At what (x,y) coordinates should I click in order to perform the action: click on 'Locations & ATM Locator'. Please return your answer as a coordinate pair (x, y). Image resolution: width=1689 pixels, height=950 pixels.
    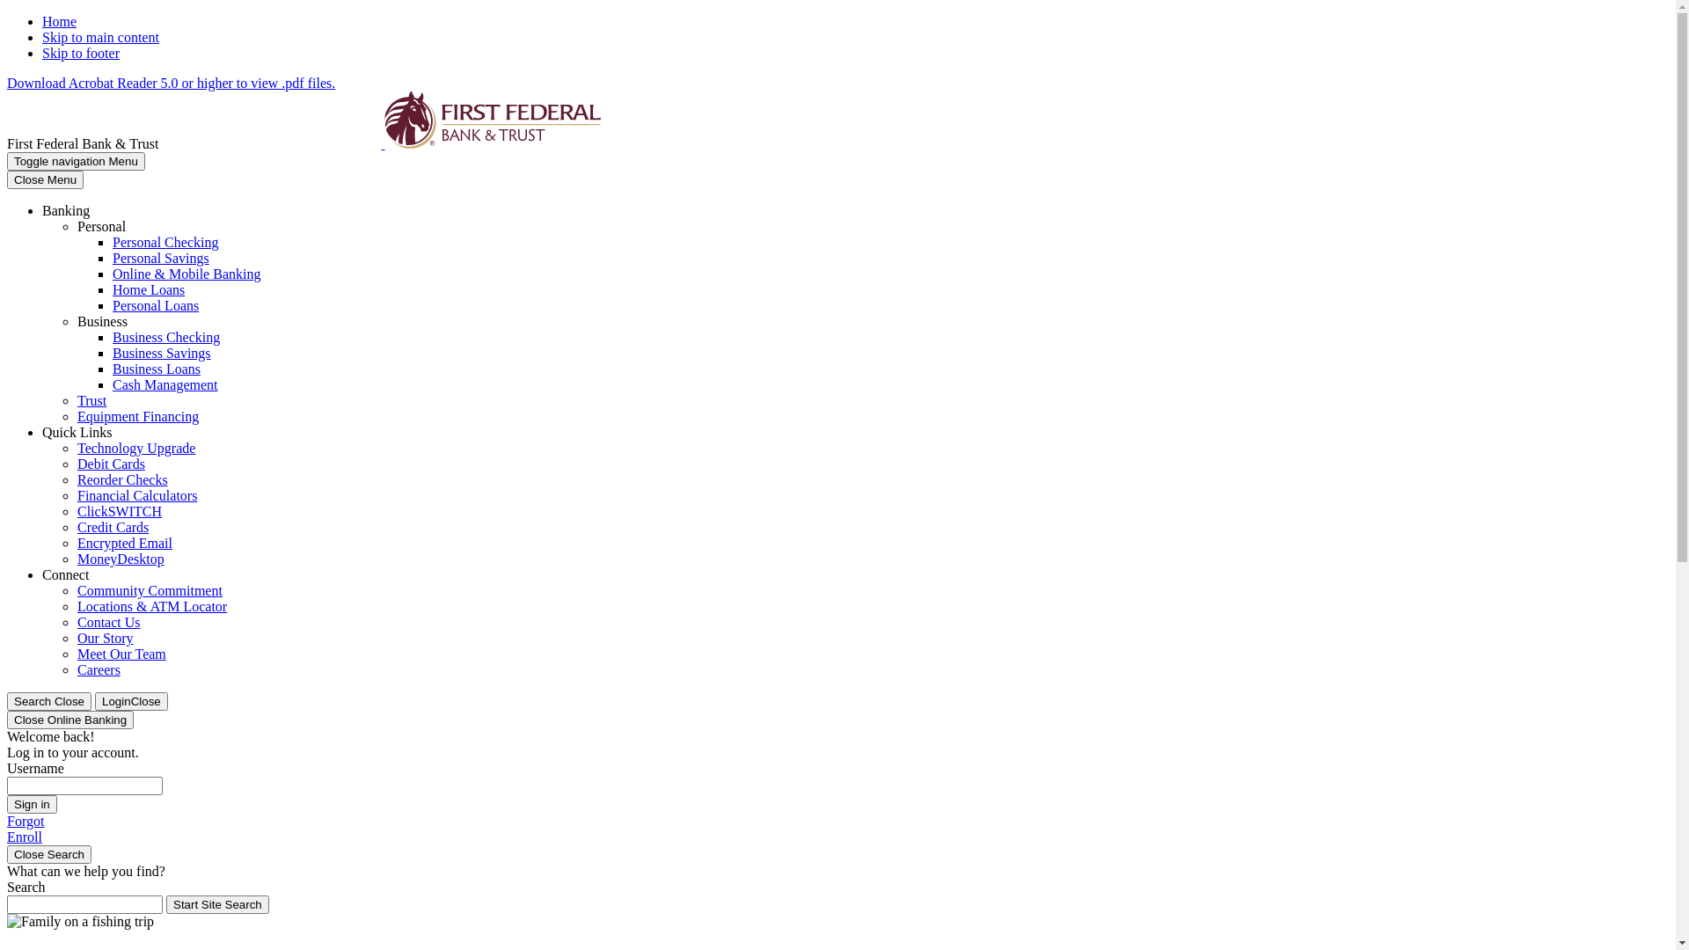
    Looking at the image, I should click on (76, 605).